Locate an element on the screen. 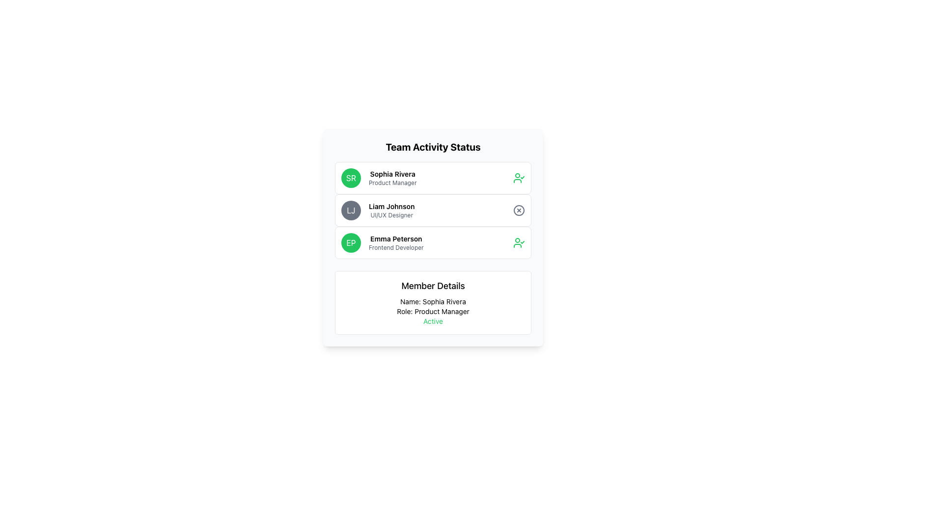 The height and width of the screenshot is (530, 943). the Avatar or profile badge element featuring the initials 'LJ' in white, bold text on a light gray background to interact or view more details about the user is located at coordinates (351, 210).